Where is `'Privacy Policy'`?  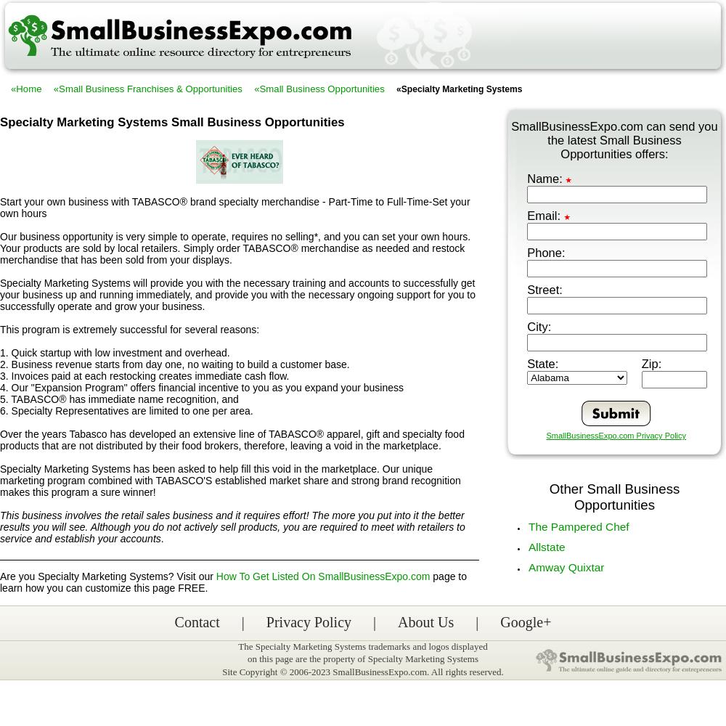 'Privacy Policy' is located at coordinates (309, 621).